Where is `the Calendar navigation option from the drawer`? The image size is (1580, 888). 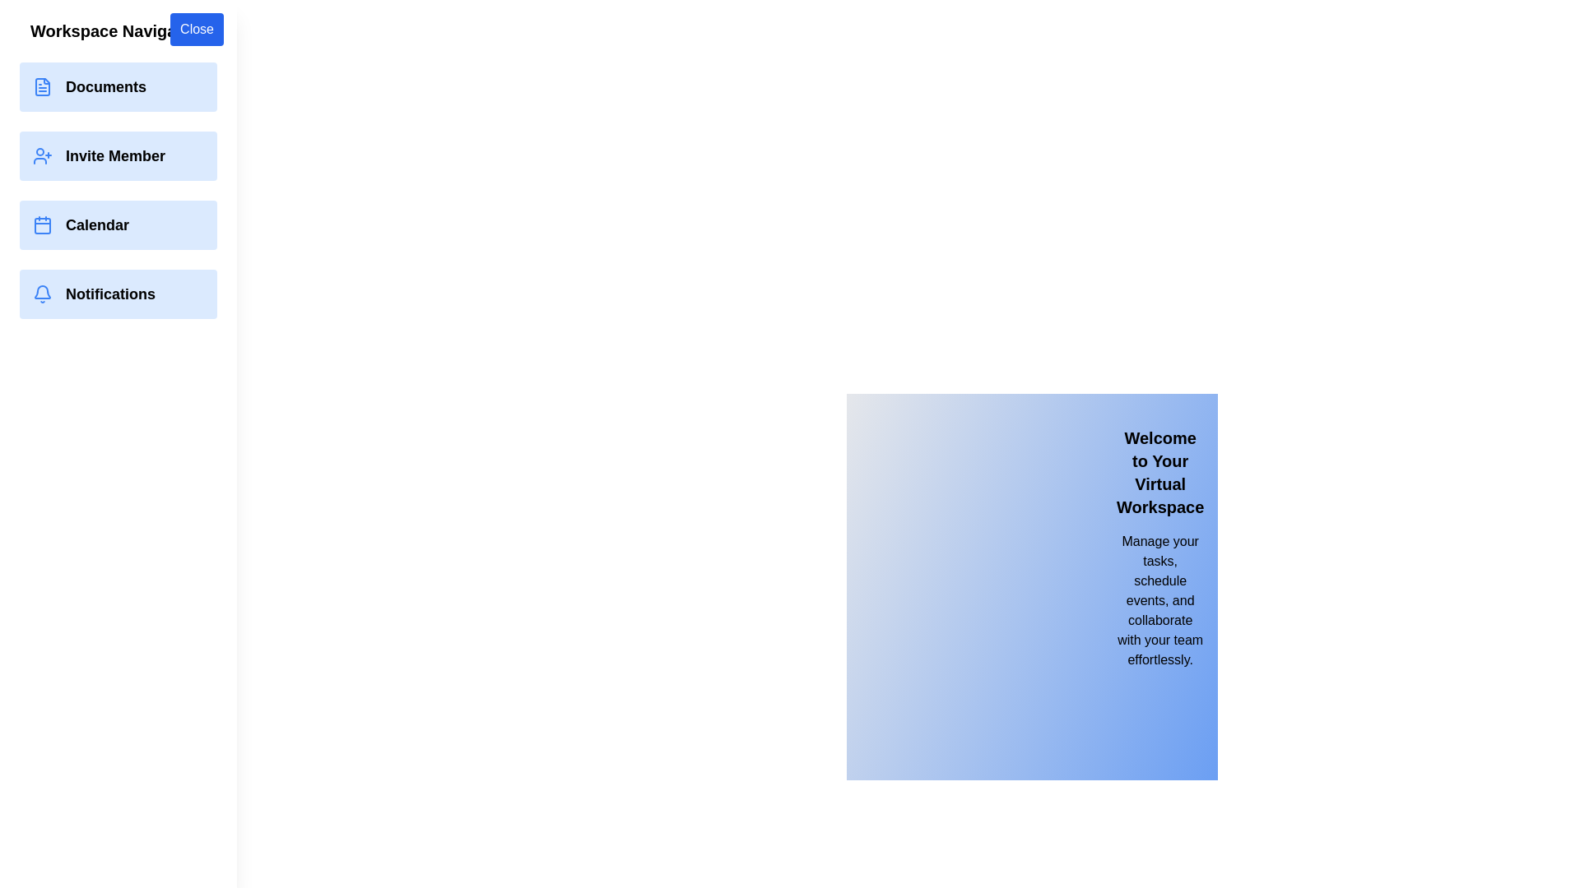
the Calendar navigation option from the drawer is located at coordinates (118, 224).